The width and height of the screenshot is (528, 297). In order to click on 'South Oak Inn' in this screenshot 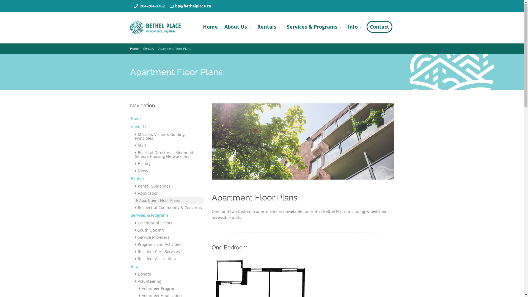, I will do `click(169, 230)`.